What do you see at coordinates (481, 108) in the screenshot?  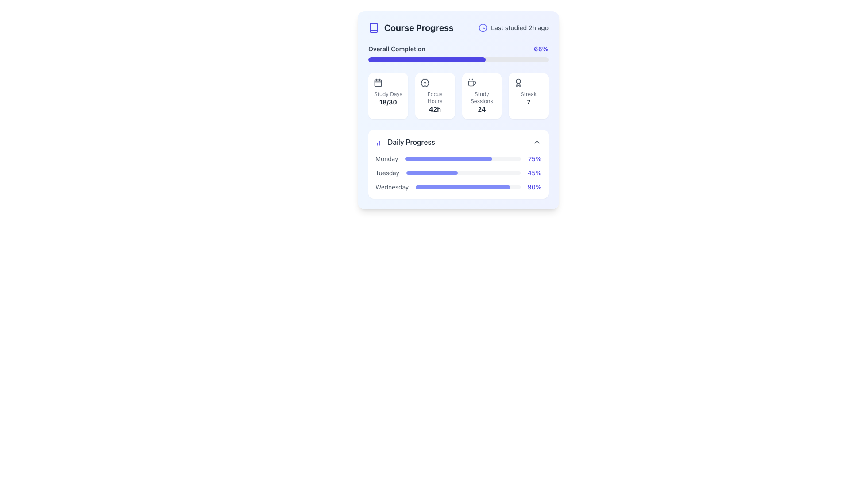 I see `the text element that displays the number of study sessions recorded, located in the 'Study Sessions' card` at bounding box center [481, 108].